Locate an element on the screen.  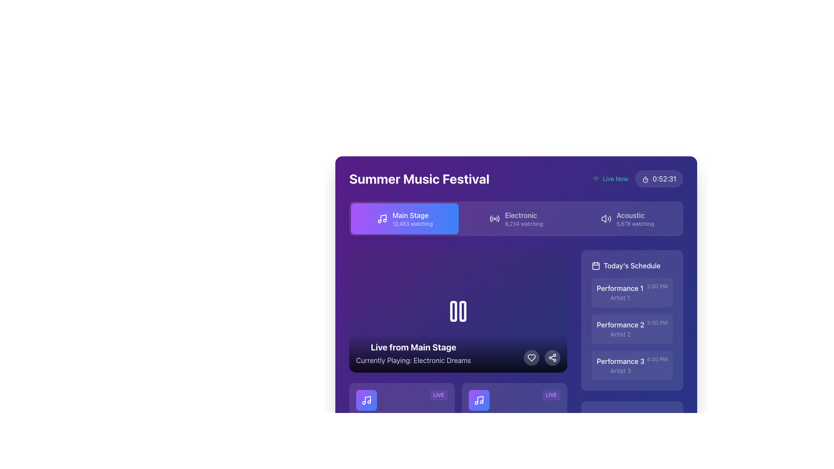
the icon button used for marking as favorite or liking, located in the lower right section of the 'Live from Main Stage' area is located at coordinates (531, 358).